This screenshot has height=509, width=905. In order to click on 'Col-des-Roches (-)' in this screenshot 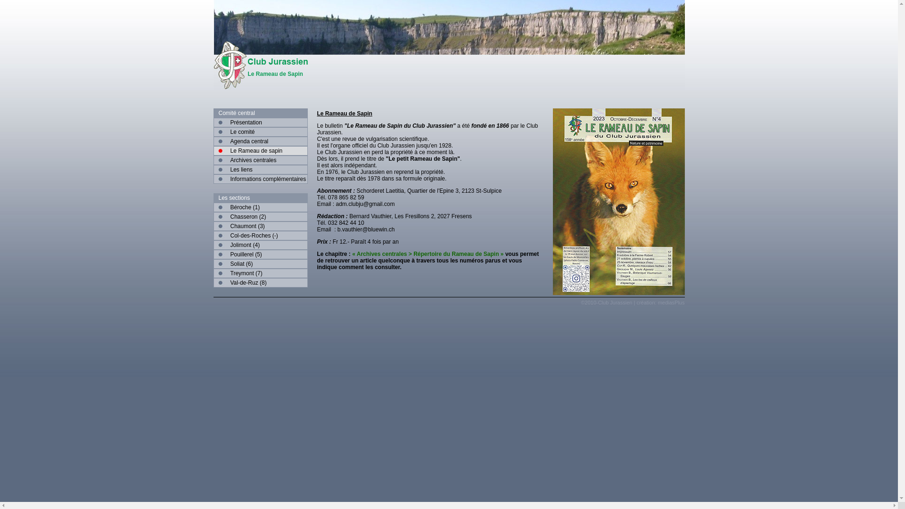, I will do `click(260, 235)`.